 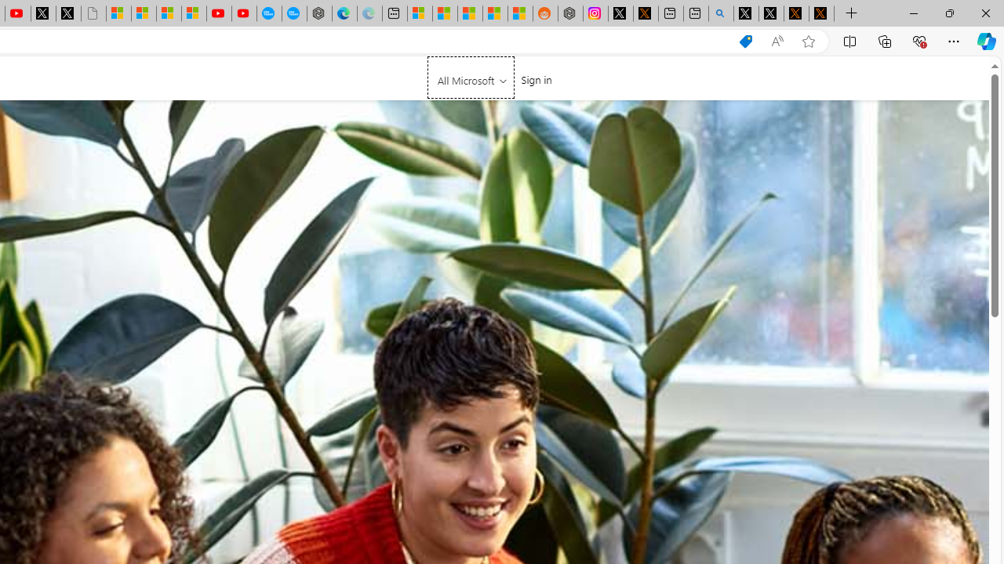 I want to click on 'Shanghai, China weather forecast | Microsoft Weather', so click(x=444, y=13).